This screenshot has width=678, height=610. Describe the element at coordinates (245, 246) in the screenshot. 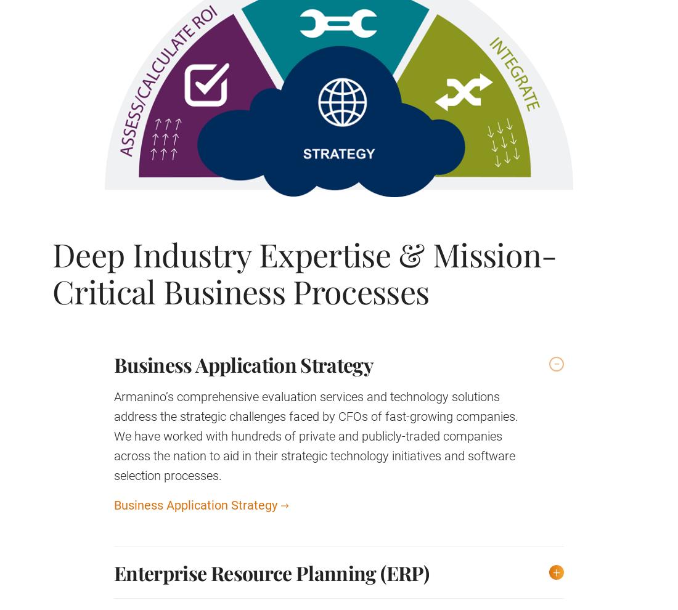

I see `'We are always looking for talented people to join our firm.'` at that location.